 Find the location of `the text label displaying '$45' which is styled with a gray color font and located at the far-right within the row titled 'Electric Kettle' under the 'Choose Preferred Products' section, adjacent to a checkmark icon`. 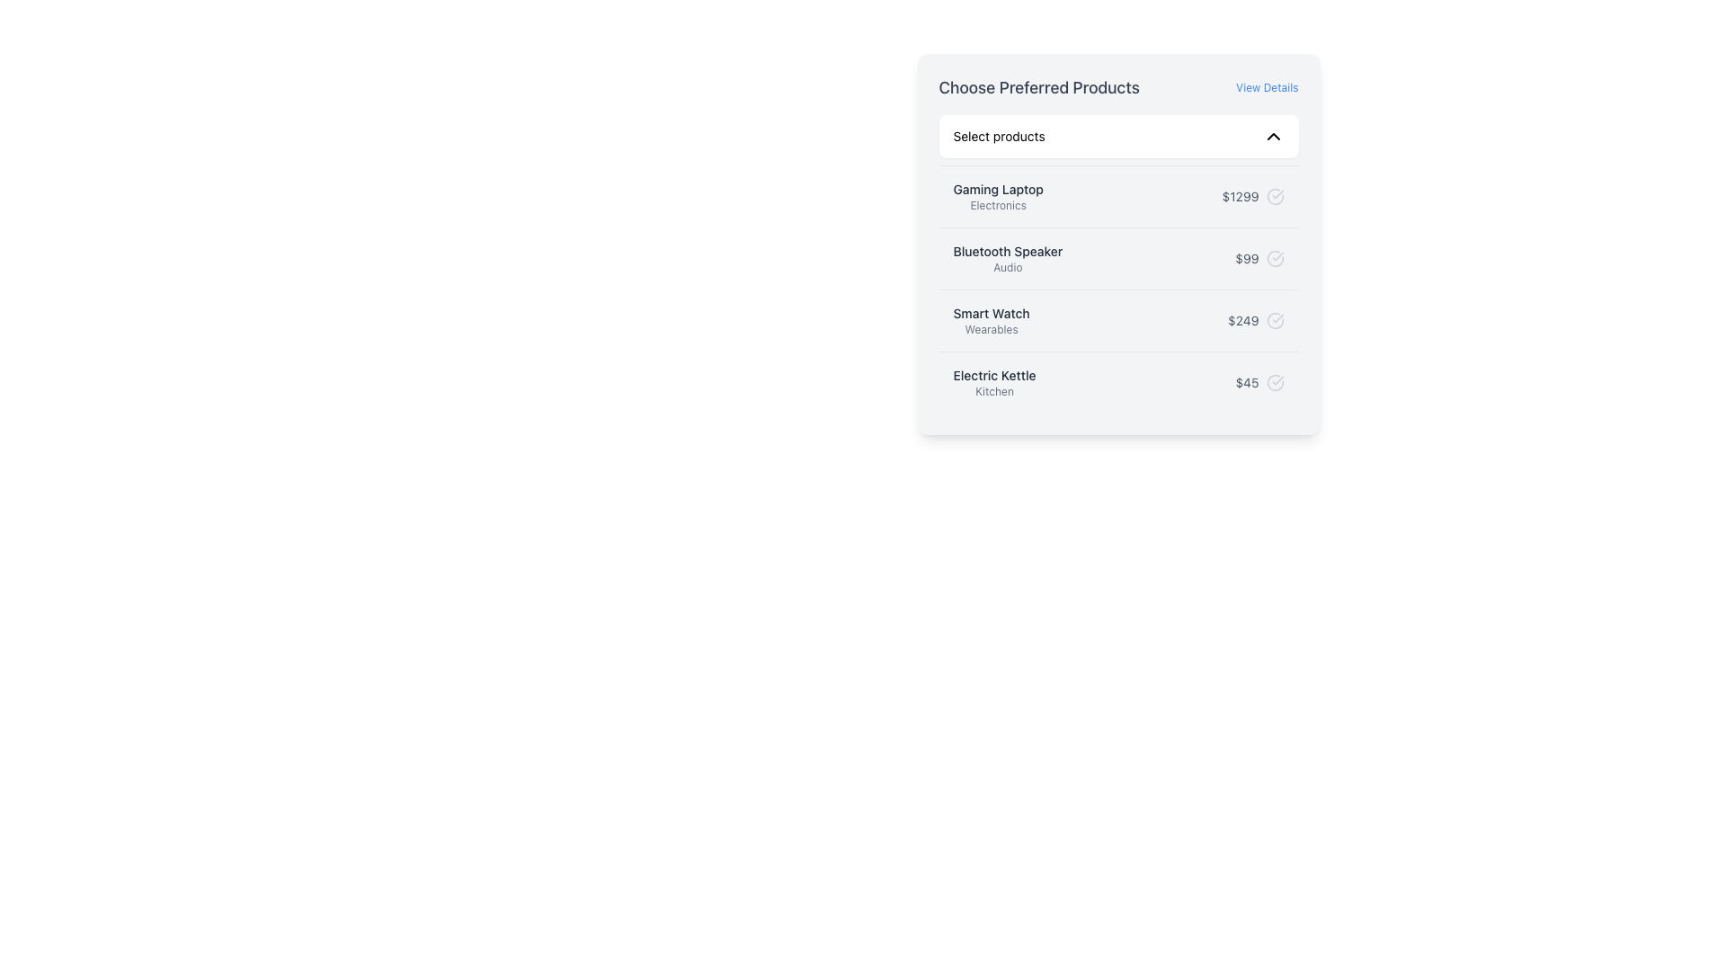

the text label displaying '$45' which is styled with a gray color font and located at the far-right within the row titled 'Electric Kettle' under the 'Choose Preferred Products' section, adjacent to a checkmark icon is located at coordinates (1259, 381).